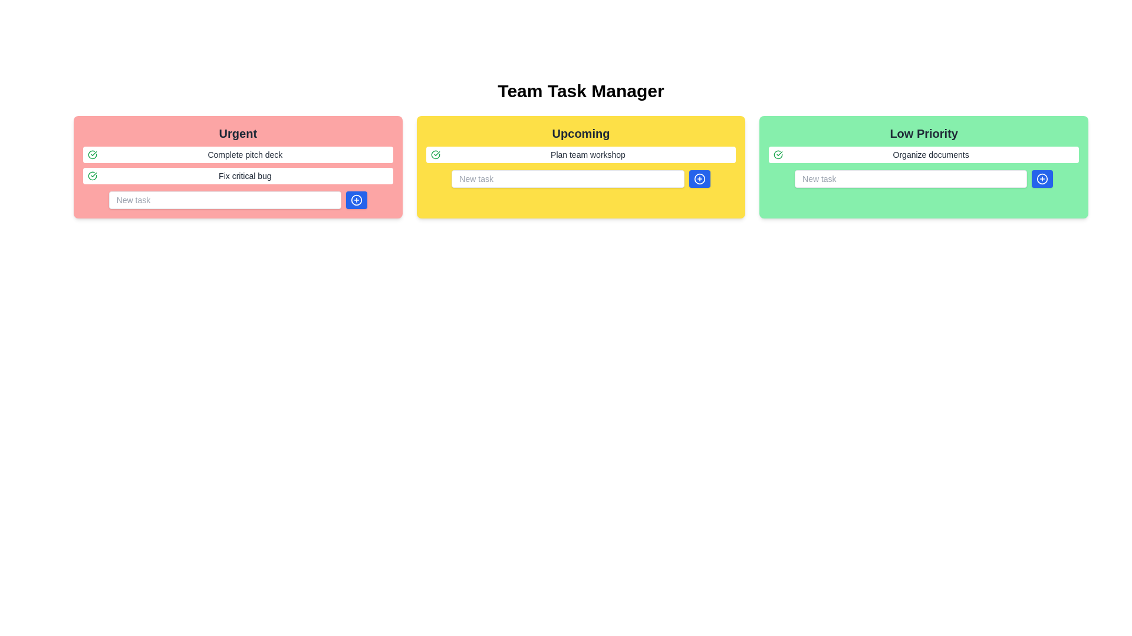  I want to click on the circular green checkmark icon that indicates a completed task, located next to the 'Organize documents' text in the 'Low Priority' task group to confirm completion, so click(778, 154).